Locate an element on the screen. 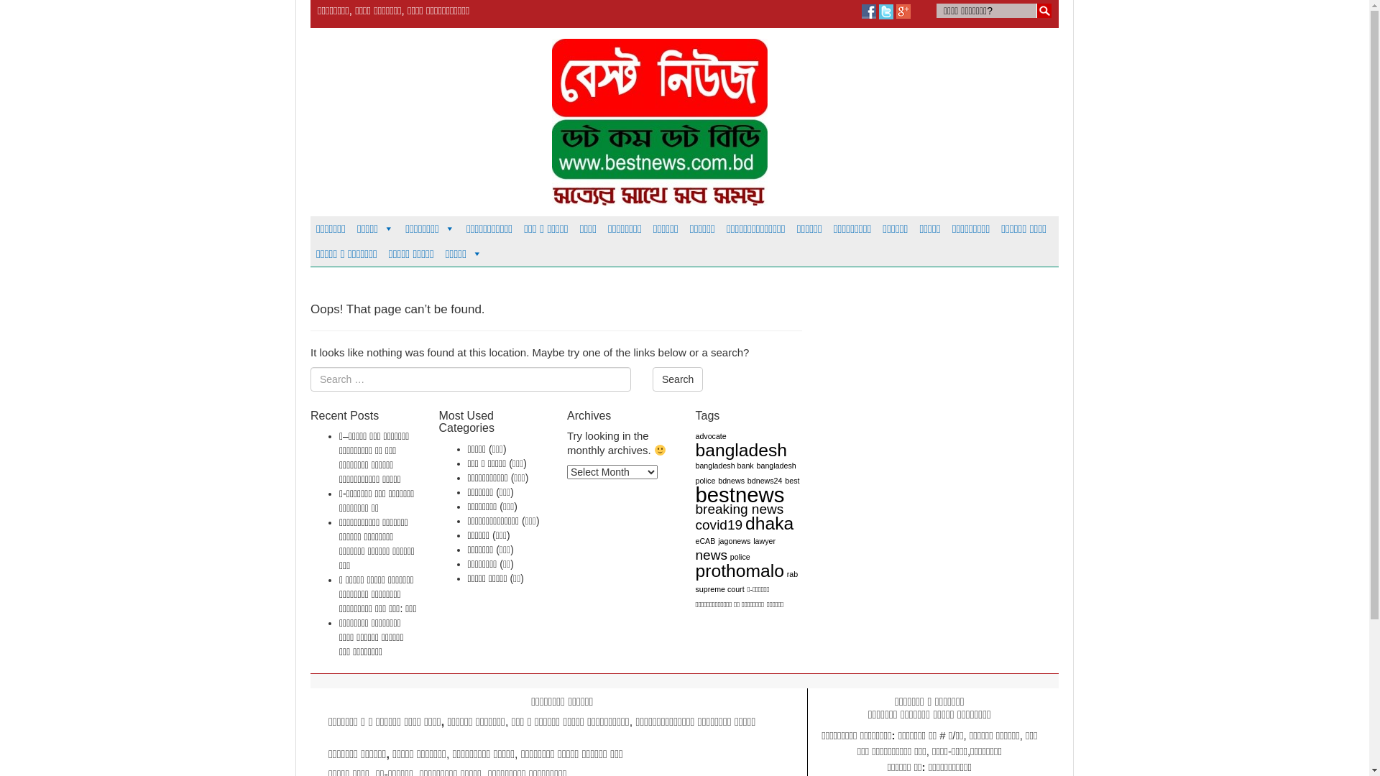  'rab' is located at coordinates (791, 573).